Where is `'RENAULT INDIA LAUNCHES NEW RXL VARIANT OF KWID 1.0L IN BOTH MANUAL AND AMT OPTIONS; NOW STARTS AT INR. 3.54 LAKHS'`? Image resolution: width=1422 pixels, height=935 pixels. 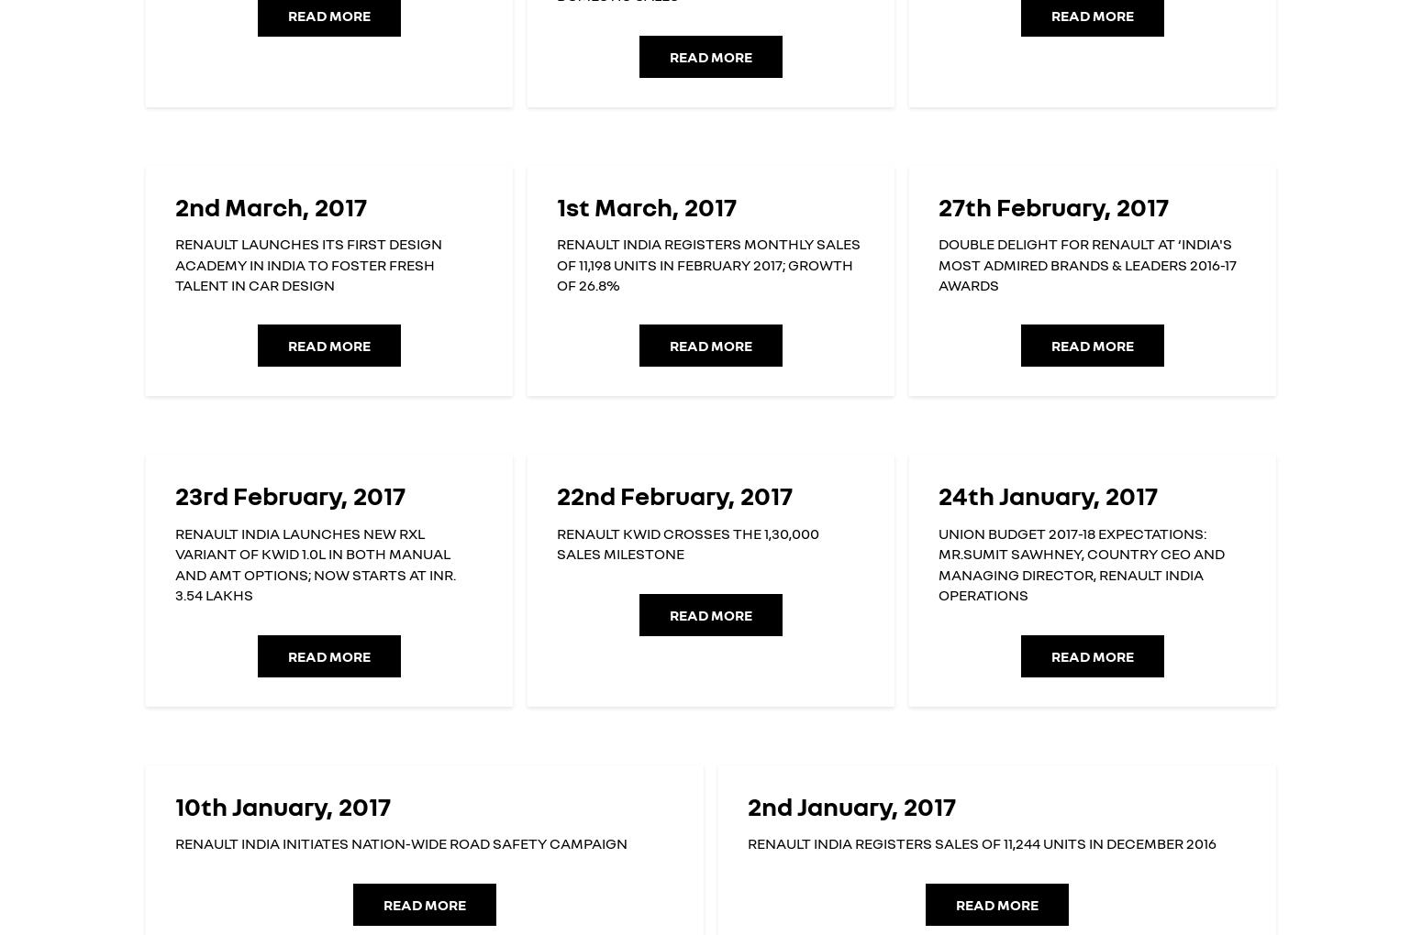
'RENAULT INDIA LAUNCHES NEW RXL VARIANT OF KWID 1.0L IN BOTH MANUAL AND AMT OPTIONS; NOW STARTS AT INR. 3.54 LAKHS' is located at coordinates (173, 563).